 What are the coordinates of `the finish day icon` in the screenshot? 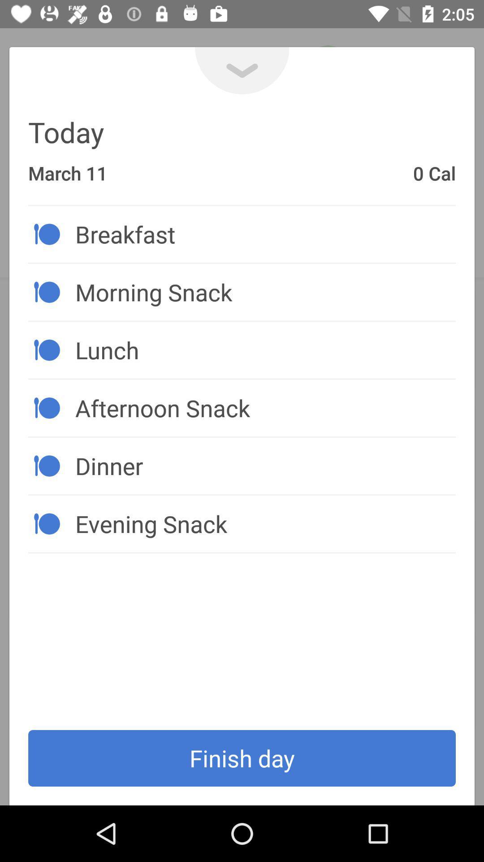 It's located at (242, 758).